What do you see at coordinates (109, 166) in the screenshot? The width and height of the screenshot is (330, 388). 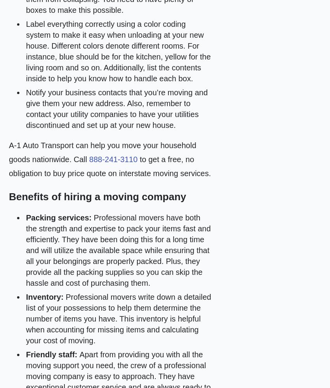 I see `'to get a free, no obligation to buy price quote on interstate moving services.'` at bounding box center [109, 166].